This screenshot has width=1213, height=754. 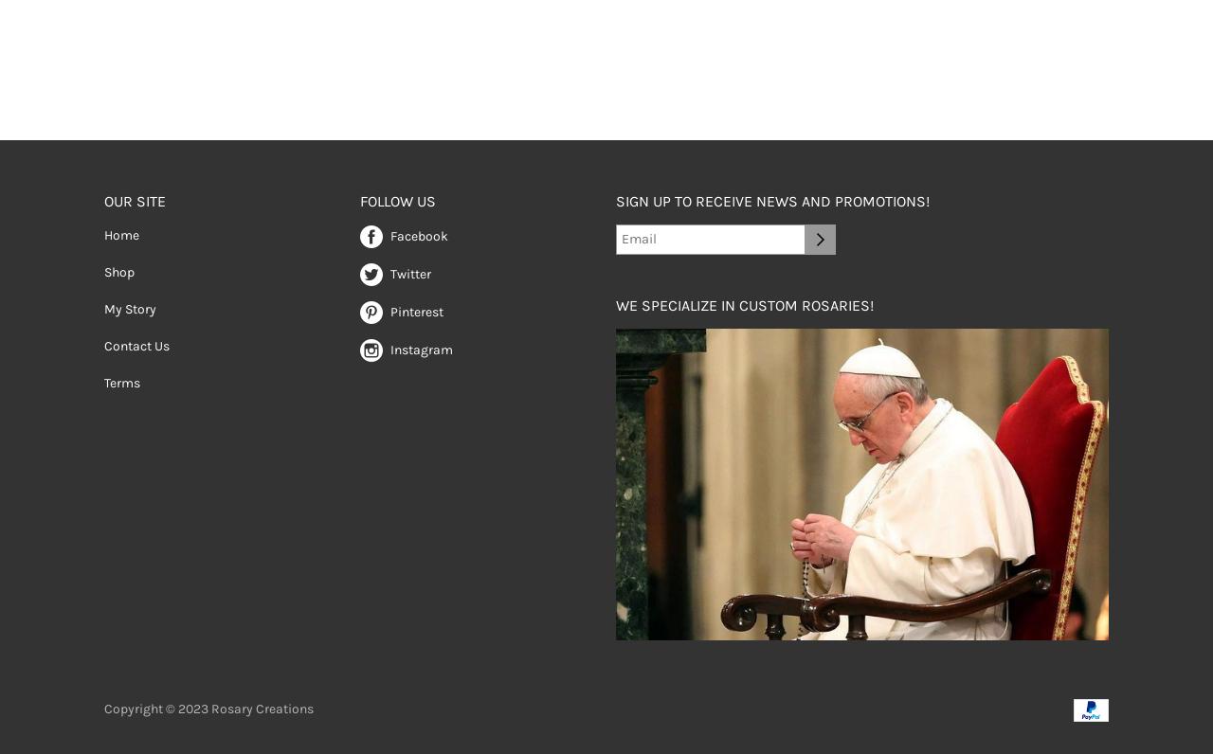 What do you see at coordinates (421, 349) in the screenshot?
I see `'Instagram'` at bounding box center [421, 349].